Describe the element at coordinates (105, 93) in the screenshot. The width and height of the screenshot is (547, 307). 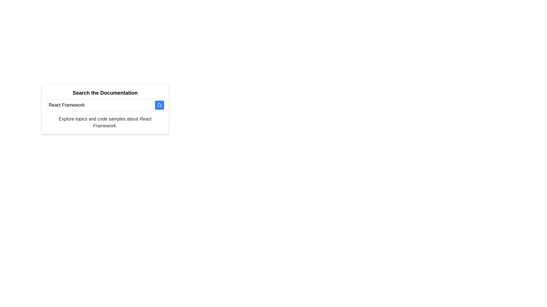
I see `the static text label that serves as a heading or title for the section, providing context for the user regarding the interface beneath` at that location.